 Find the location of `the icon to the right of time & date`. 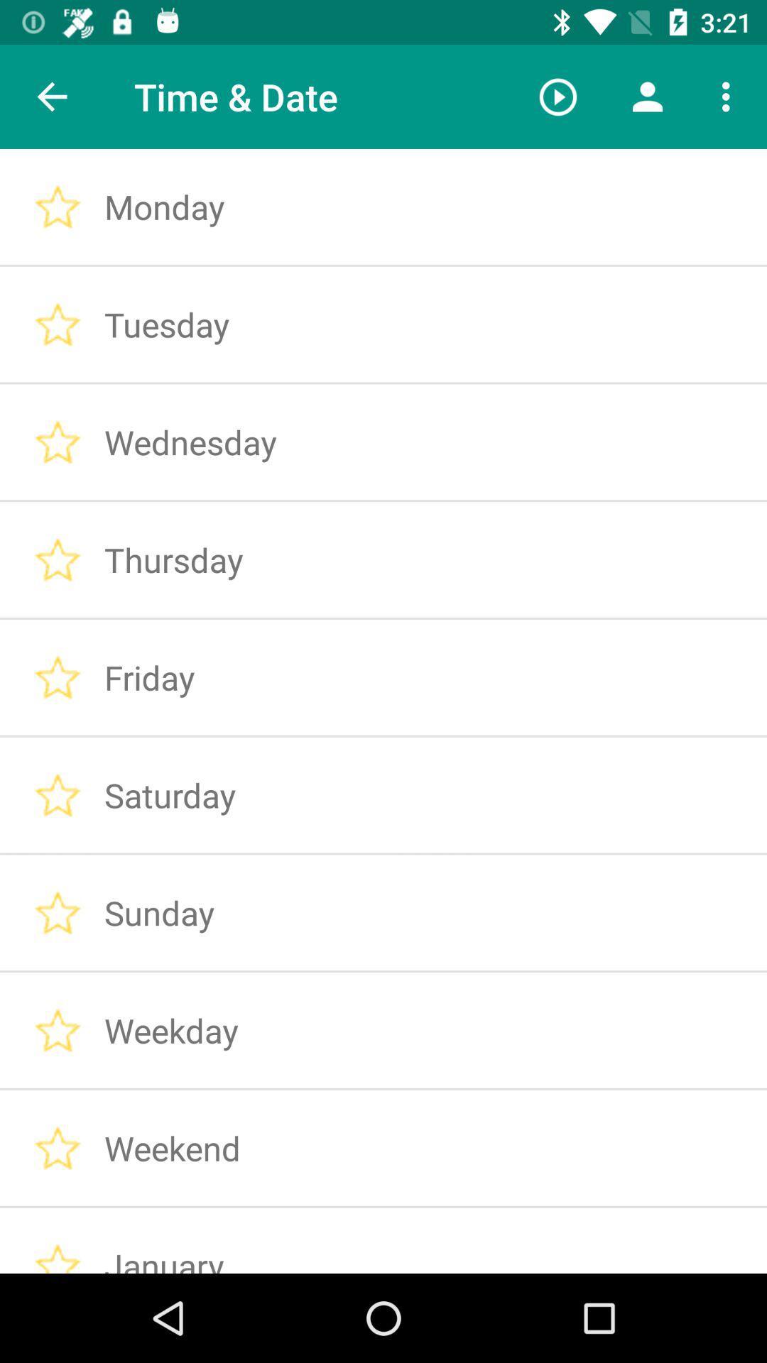

the icon to the right of time & date is located at coordinates (557, 96).